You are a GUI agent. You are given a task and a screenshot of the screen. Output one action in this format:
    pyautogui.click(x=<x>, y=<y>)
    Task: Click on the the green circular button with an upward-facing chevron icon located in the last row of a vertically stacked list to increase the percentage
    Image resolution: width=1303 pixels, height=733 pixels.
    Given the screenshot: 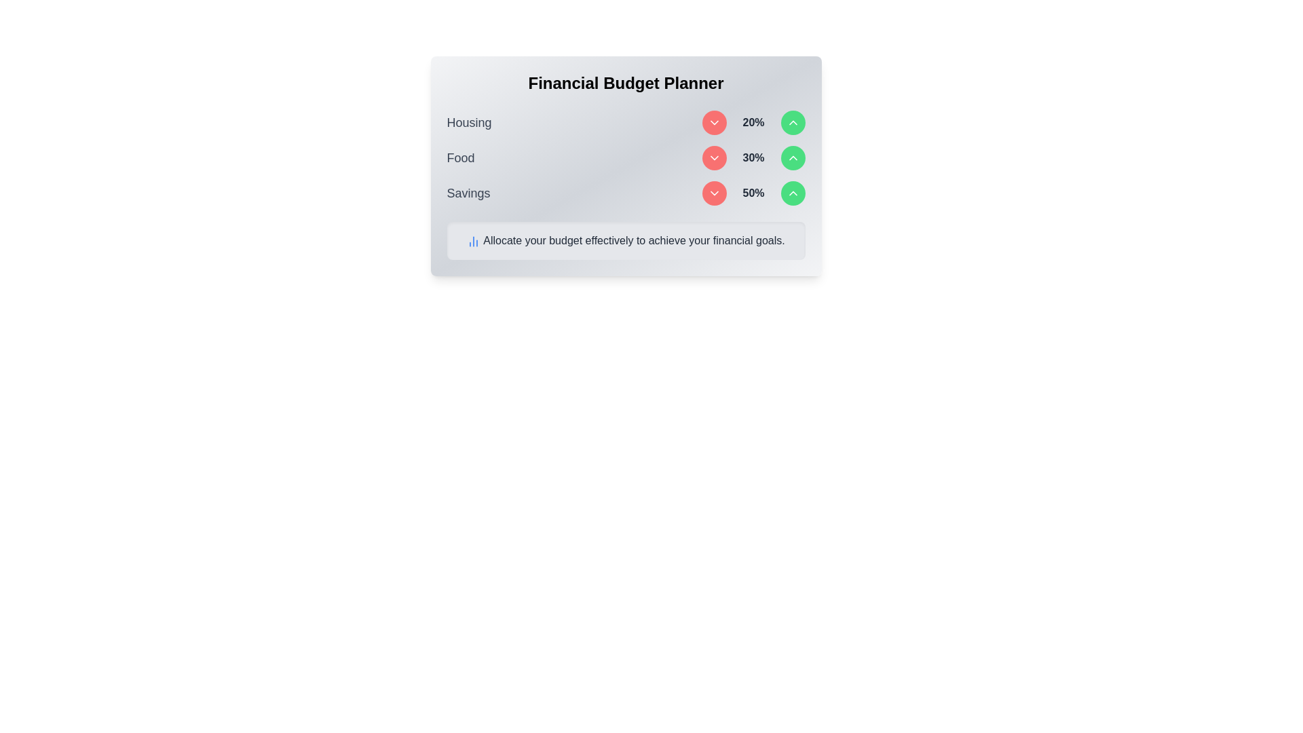 What is the action you would take?
    pyautogui.click(x=793, y=193)
    